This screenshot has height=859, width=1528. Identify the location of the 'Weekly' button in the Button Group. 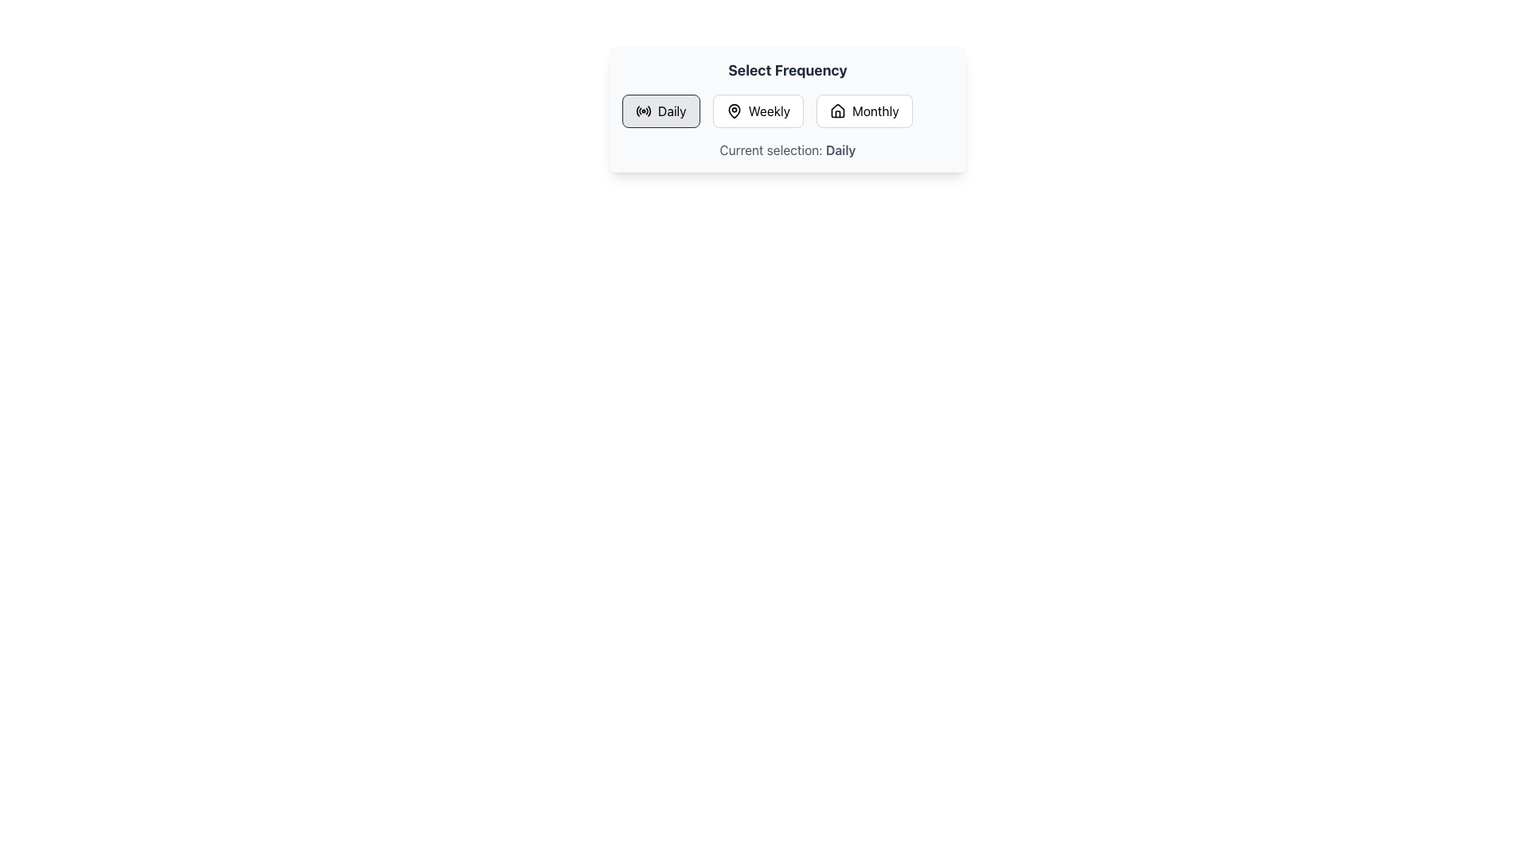
(787, 110).